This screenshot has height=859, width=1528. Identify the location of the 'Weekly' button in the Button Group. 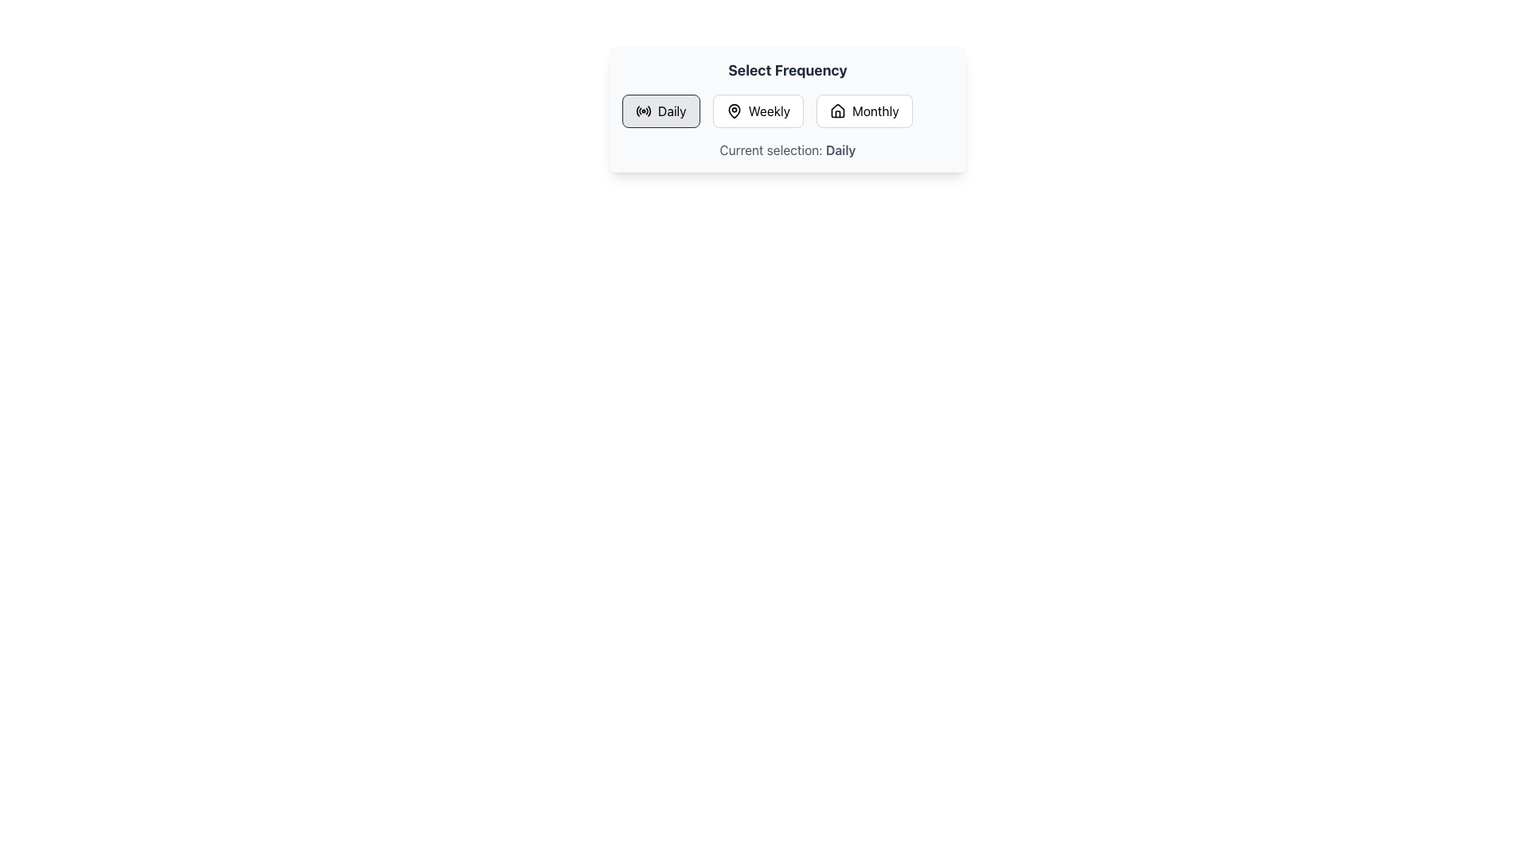
(787, 110).